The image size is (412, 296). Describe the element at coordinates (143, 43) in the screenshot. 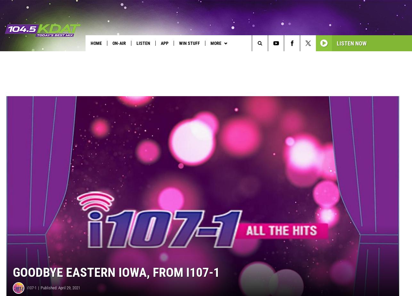

I see `'Listen'` at that location.